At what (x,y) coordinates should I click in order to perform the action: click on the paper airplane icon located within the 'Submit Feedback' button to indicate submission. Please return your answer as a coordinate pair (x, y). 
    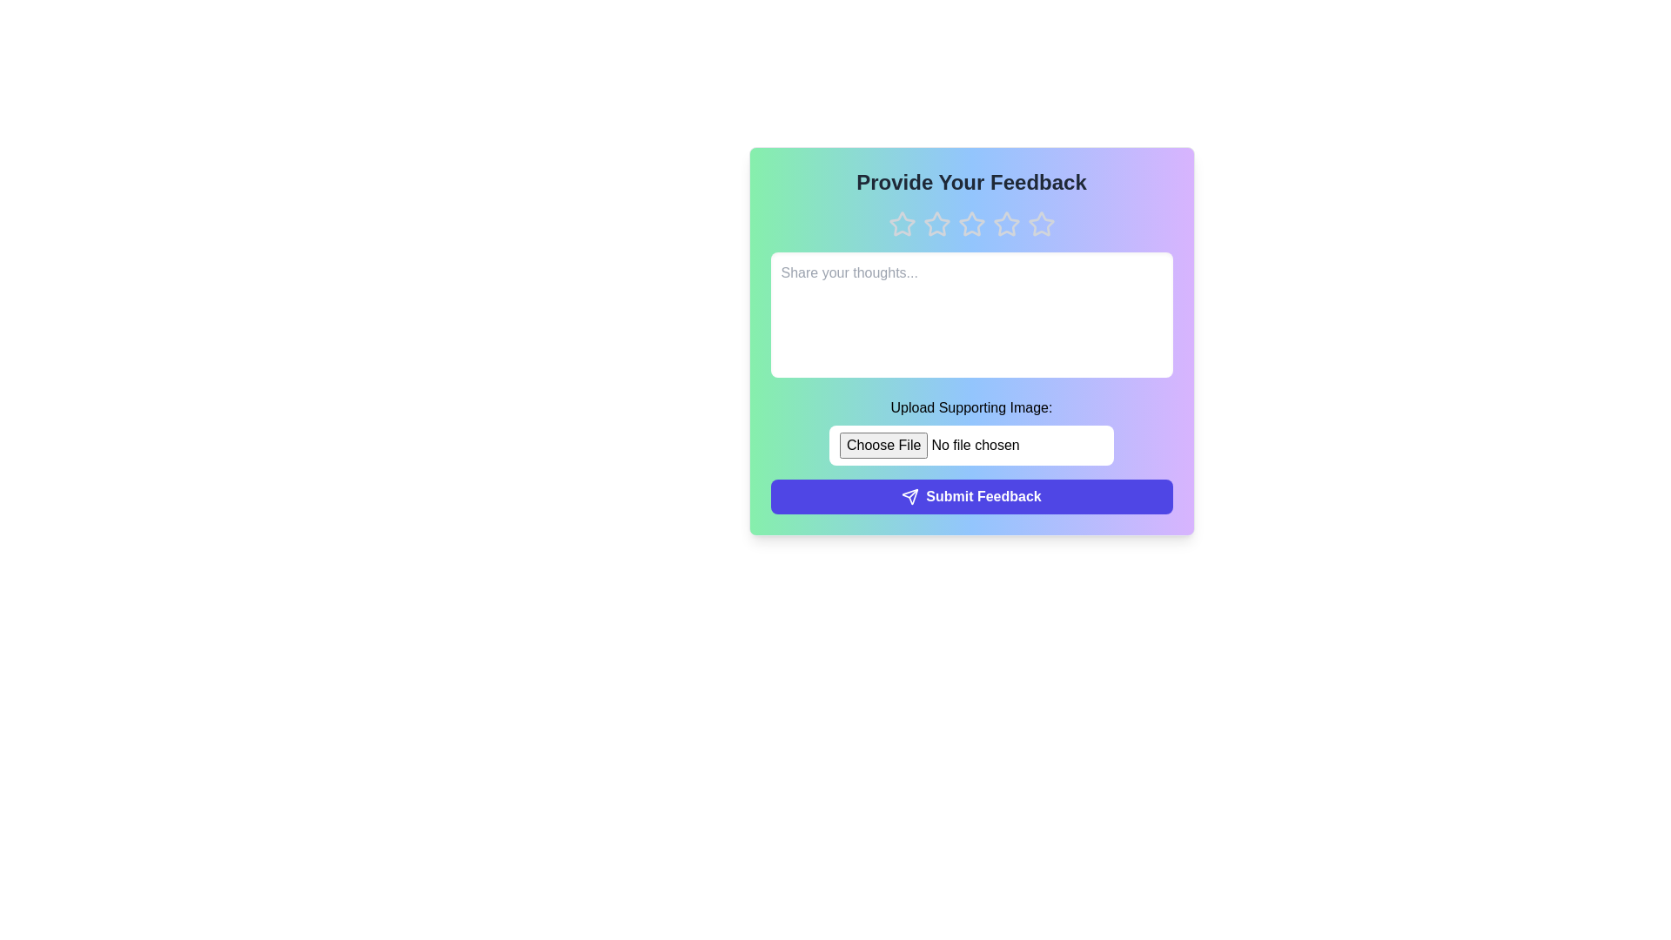
    Looking at the image, I should click on (909, 496).